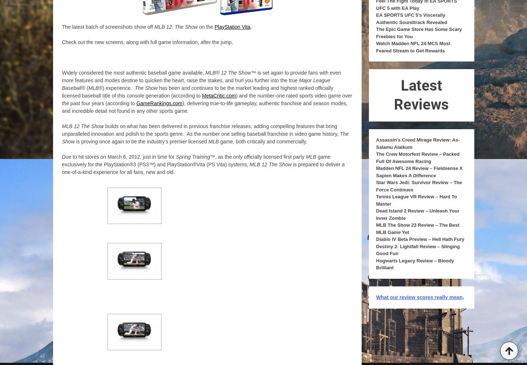 This screenshot has width=527, height=365. I want to click on 'MLB®', so click(95, 88).